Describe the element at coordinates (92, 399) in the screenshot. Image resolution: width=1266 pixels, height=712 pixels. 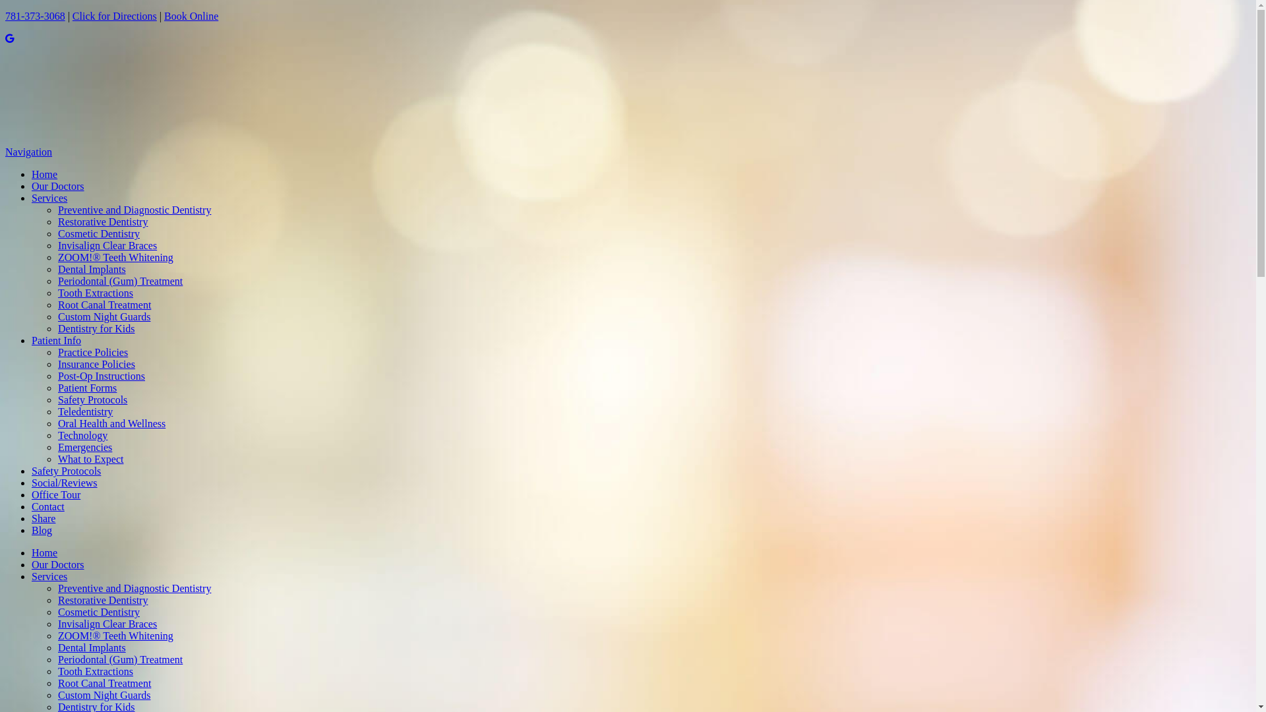
I see `'Safety Protocols'` at that location.